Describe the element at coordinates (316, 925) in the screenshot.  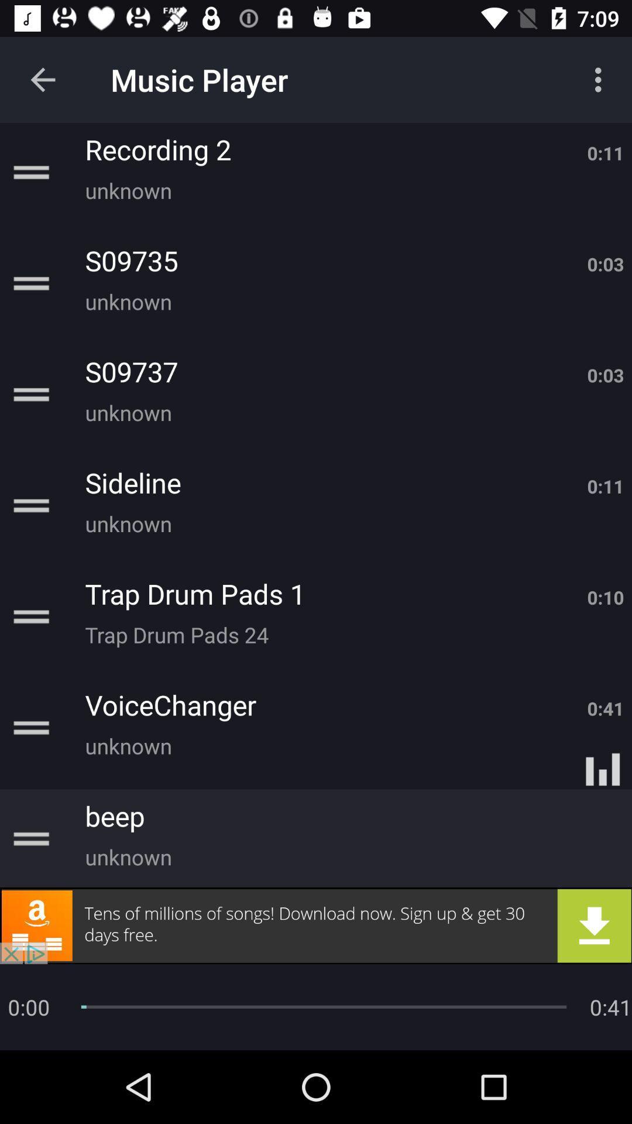
I see `advertisement button` at that location.